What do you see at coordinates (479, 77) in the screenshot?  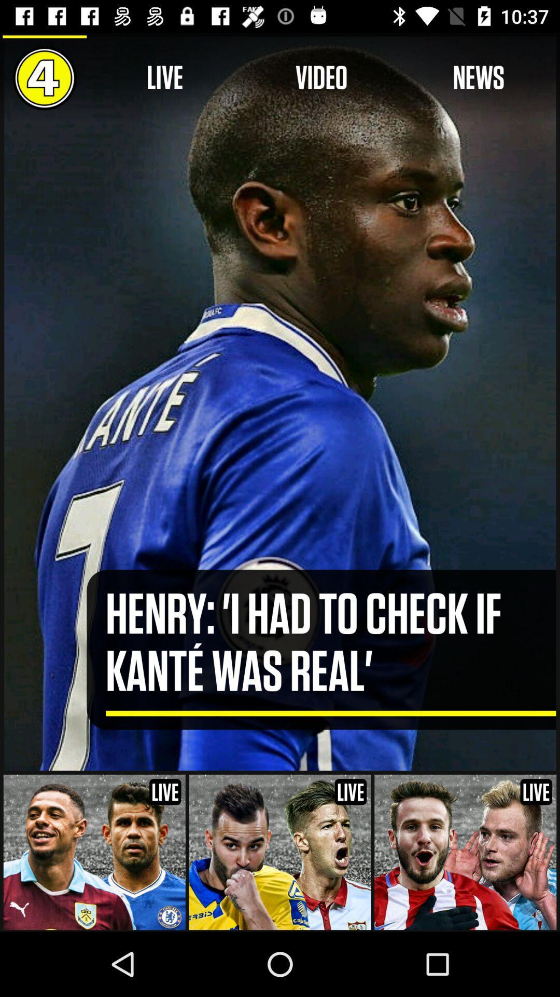 I see `news on top right corner of the screen` at bounding box center [479, 77].